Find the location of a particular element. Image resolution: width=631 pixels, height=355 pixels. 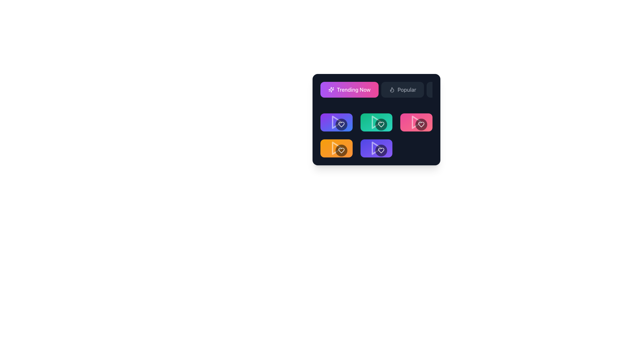

the A button element styled as a star icon located at the far right of the horizontal row containing 'Trending Now' and 'Popular' buttons is located at coordinates (437, 89).